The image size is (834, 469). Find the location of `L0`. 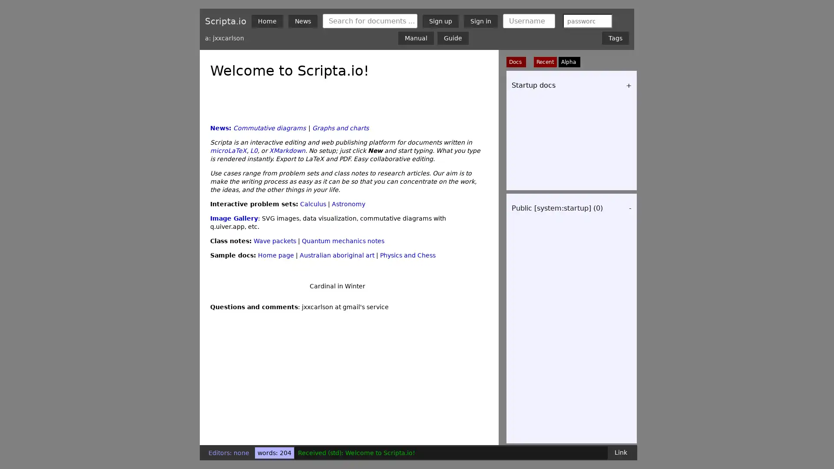

L0 is located at coordinates (253, 217).